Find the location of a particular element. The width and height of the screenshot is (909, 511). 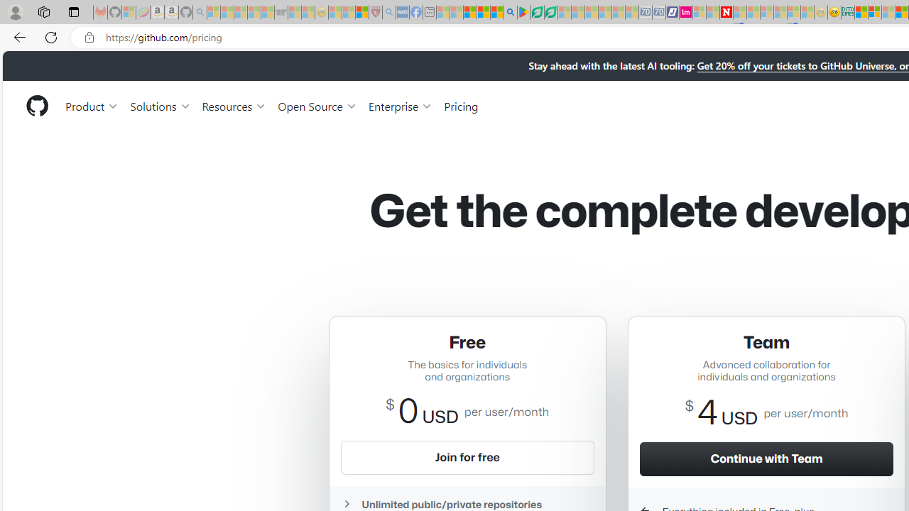

'Product' is located at coordinates (92, 105).